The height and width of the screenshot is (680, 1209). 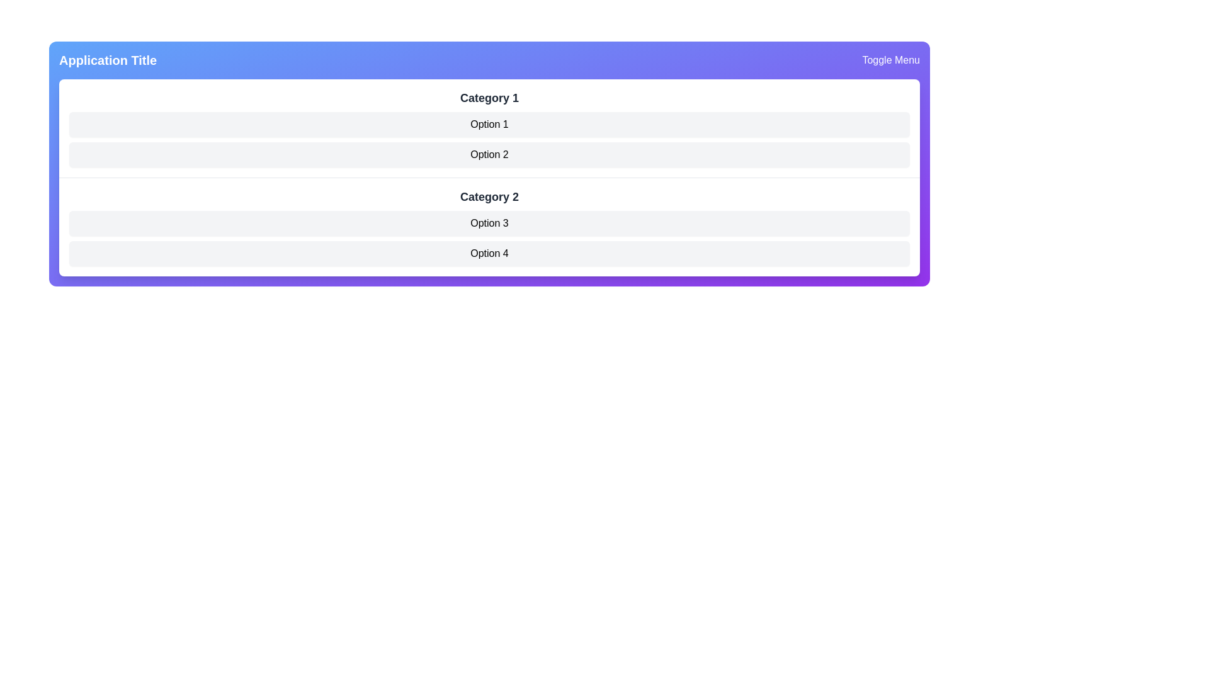 I want to click on the button labeled 'Option 1', which is a rectangular component with a light gray background and rounded corners, located under 'Category 1', so click(x=489, y=124).